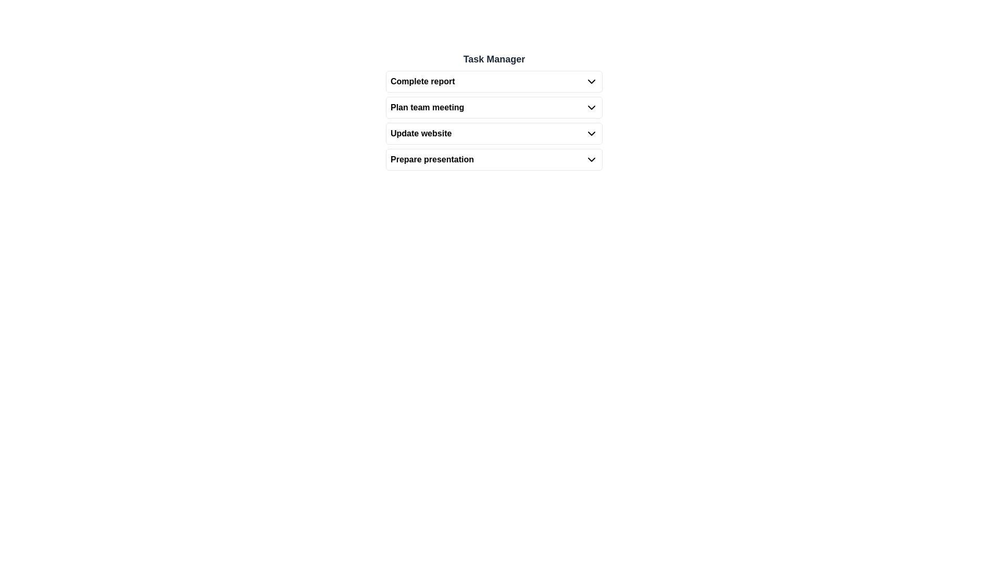 The width and height of the screenshot is (1000, 562). What do you see at coordinates (494, 133) in the screenshot?
I see `the interactive task item labeled 'Update website' which is the third item in the task list` at bounding box center [494, 133].